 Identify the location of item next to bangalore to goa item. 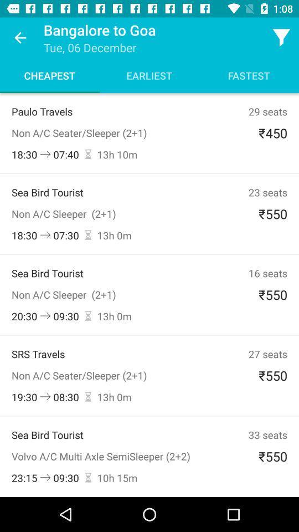
(20, 38).